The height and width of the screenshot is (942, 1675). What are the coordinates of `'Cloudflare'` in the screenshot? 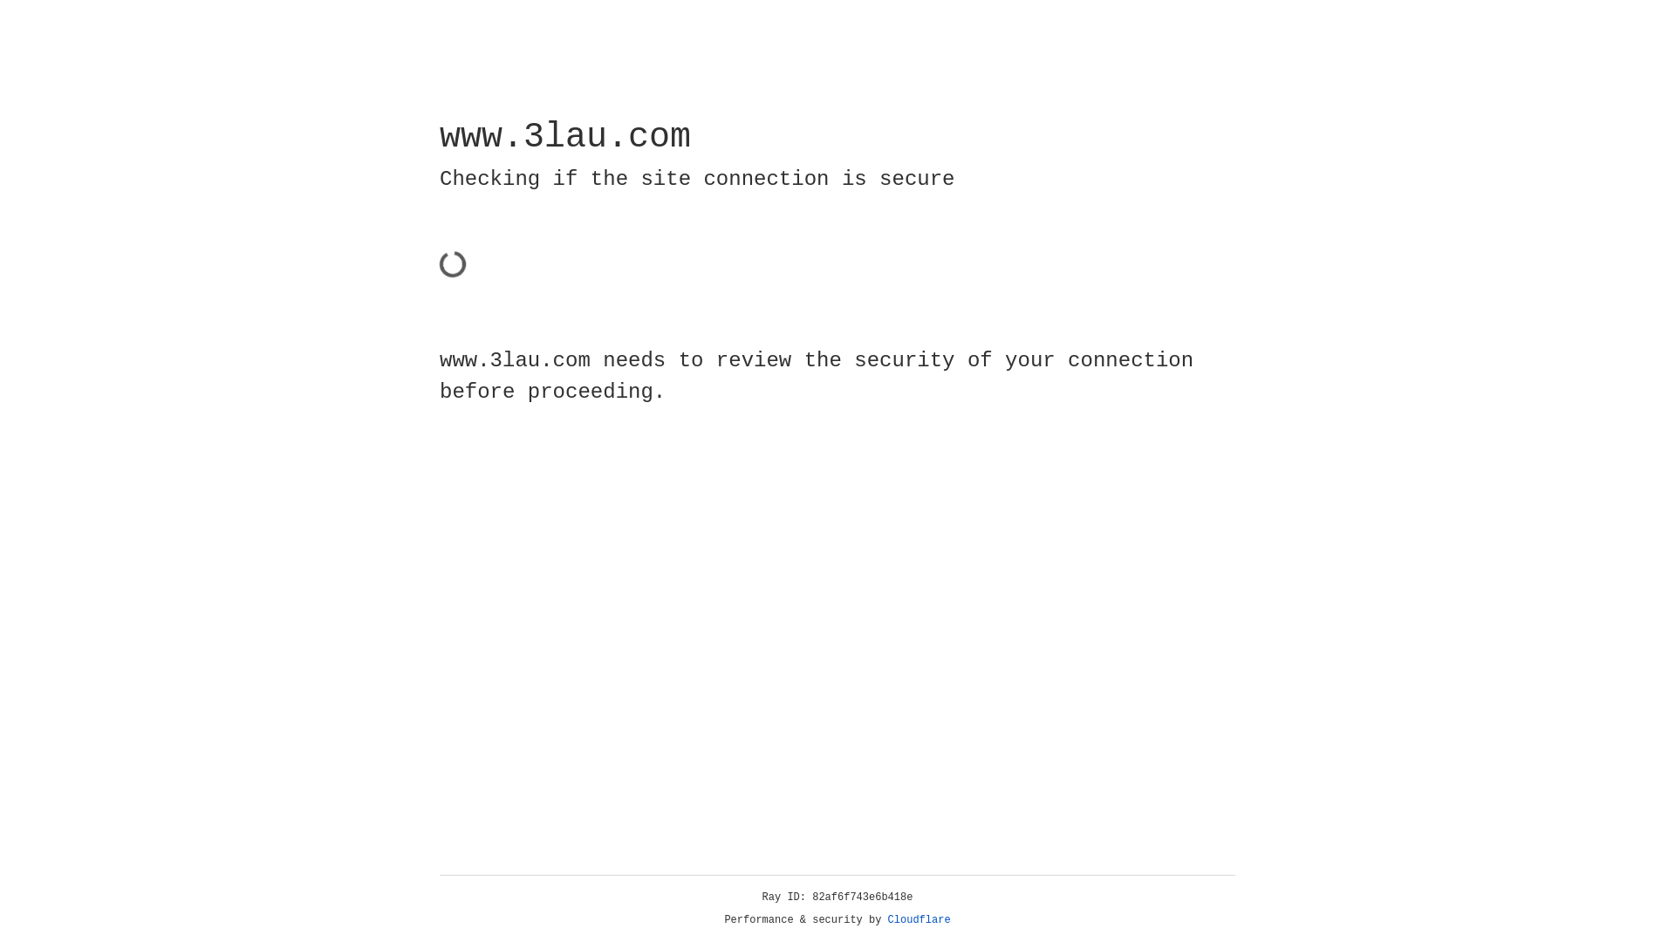 It's located at (919, 919).